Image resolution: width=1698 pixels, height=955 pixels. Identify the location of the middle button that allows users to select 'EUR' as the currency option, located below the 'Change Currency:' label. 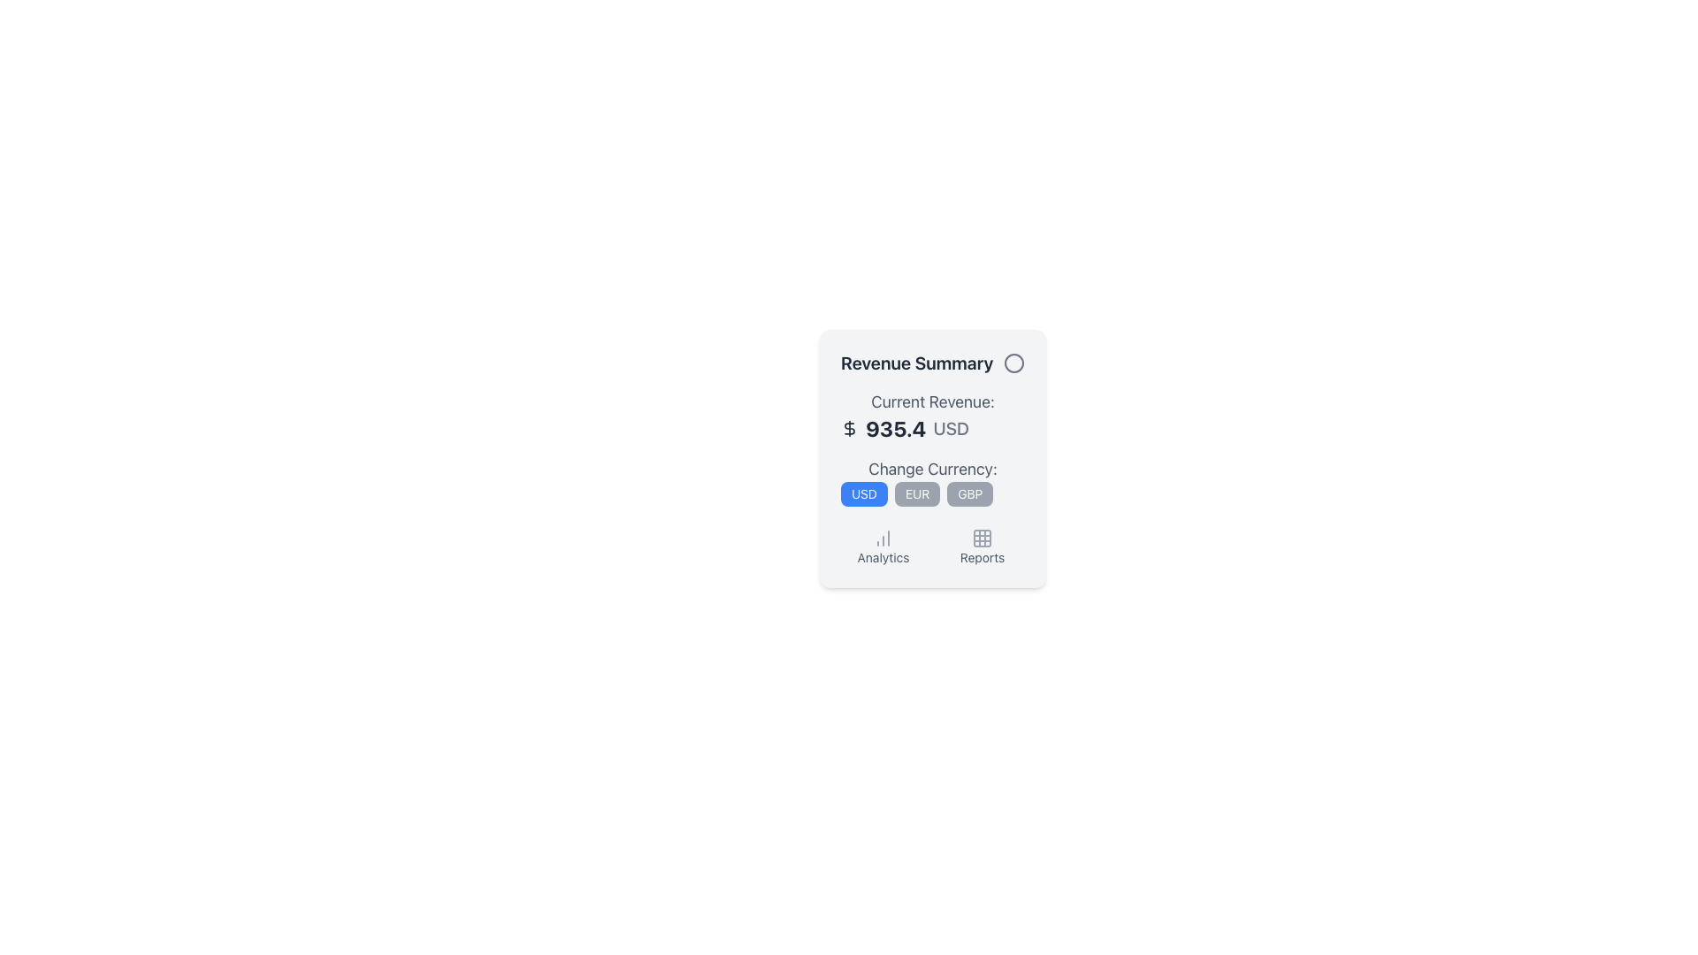
(932, 494).